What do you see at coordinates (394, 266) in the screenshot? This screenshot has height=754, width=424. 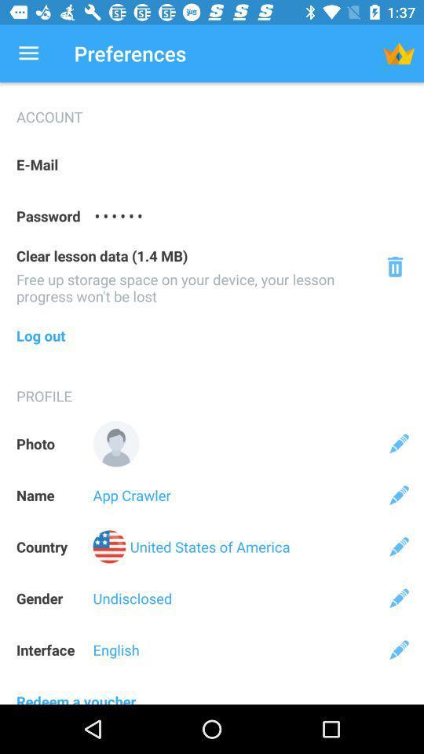 I see `the delete icon` at bounding box center [394, 266].